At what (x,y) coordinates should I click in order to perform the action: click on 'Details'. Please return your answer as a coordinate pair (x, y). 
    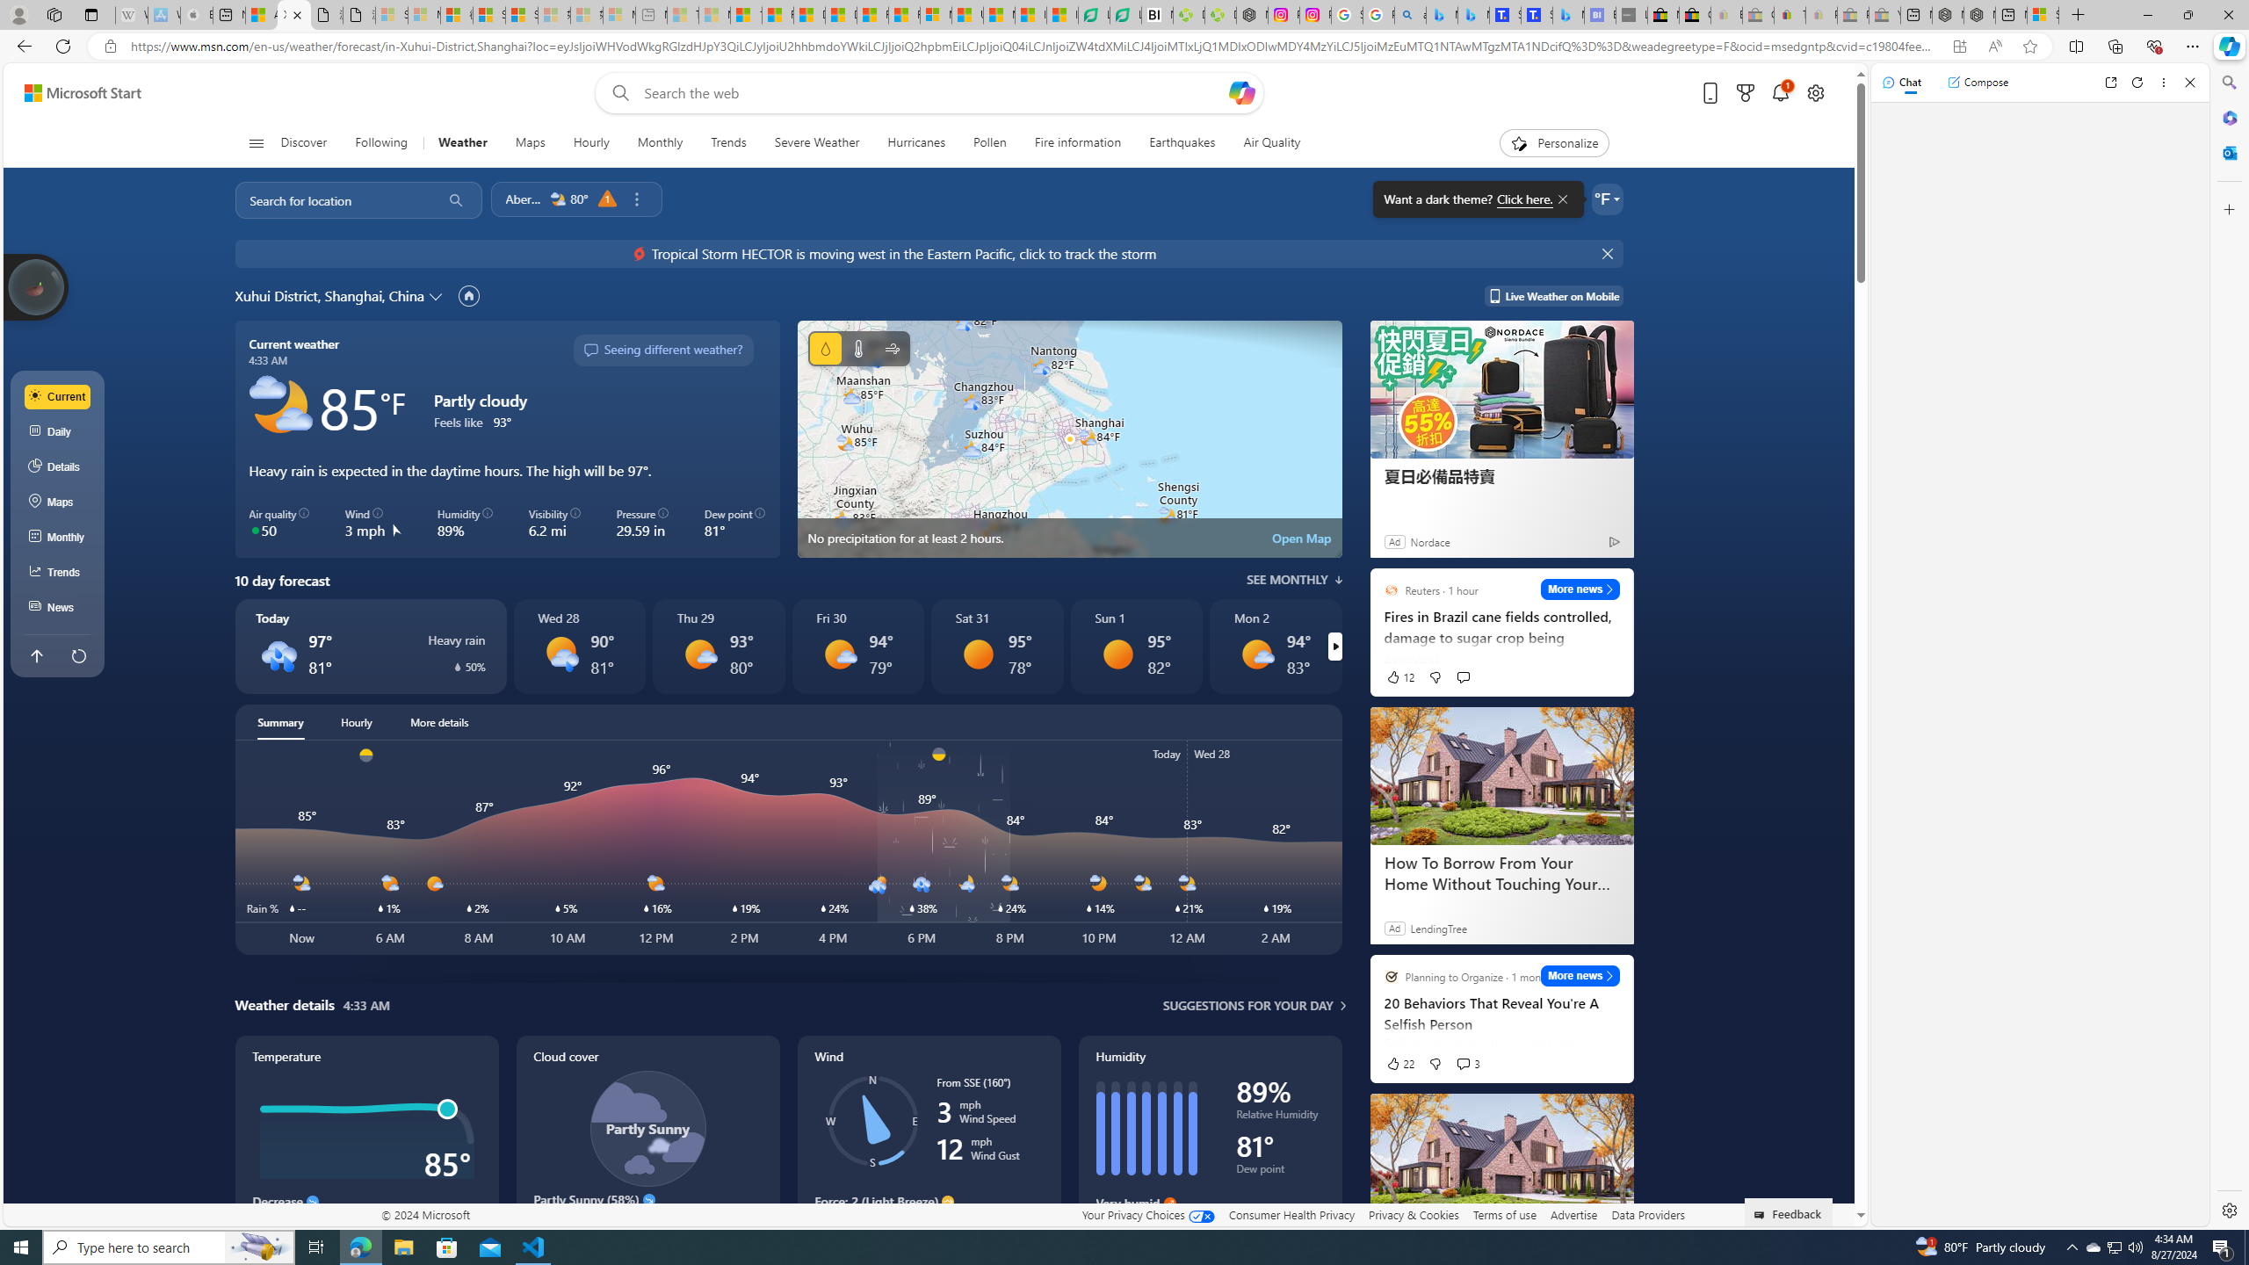
    Looking at the image, I should click on (57, 467).